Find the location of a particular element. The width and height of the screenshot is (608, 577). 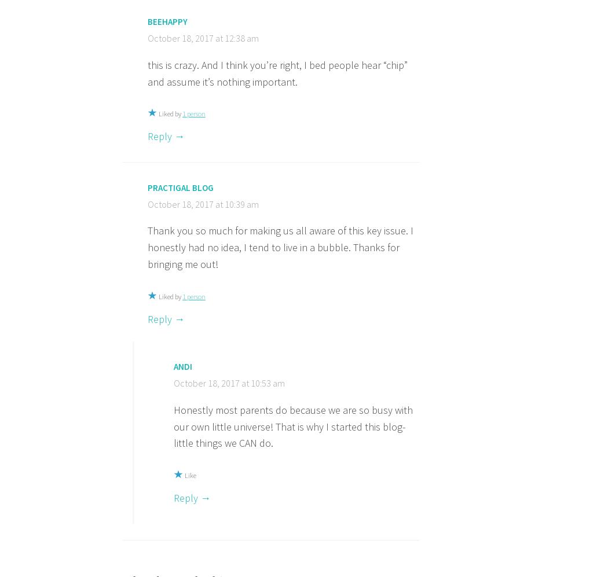

'October 18, 2017 at 12:38 am' is located at coordinates (203, 38).